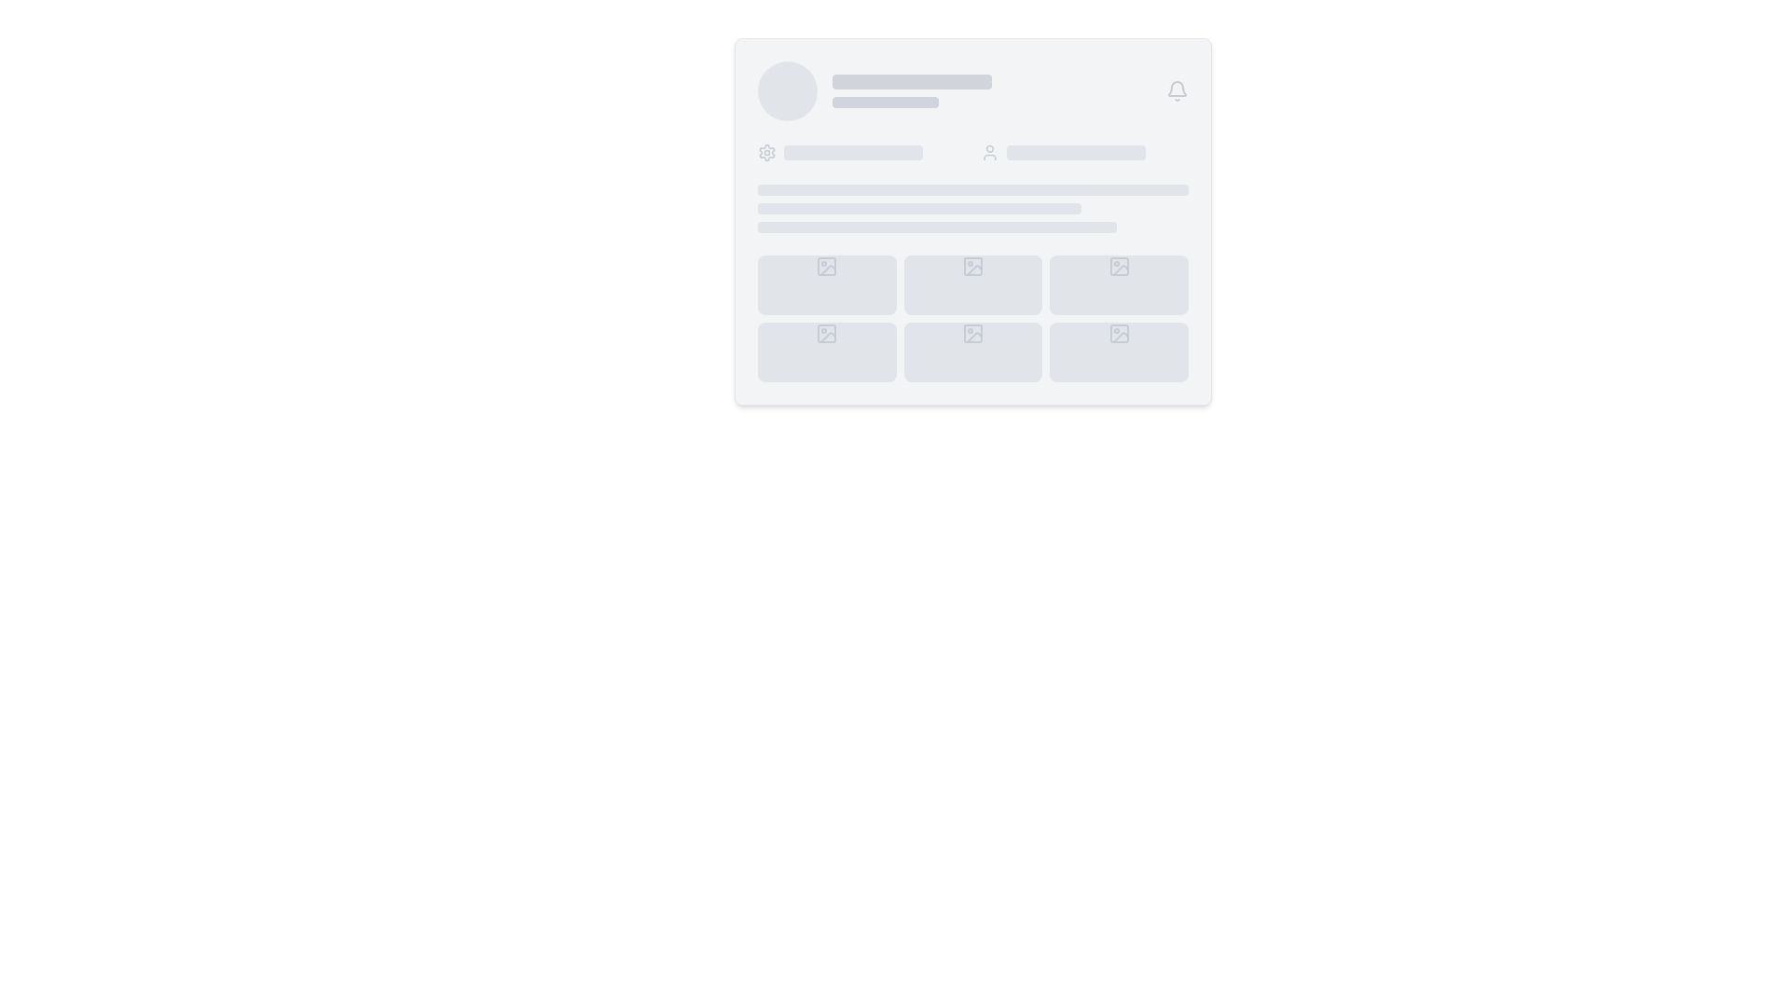 Image resolution: width=1790 pixels, height=1007 pixels. What do you see at coordinates (1119, 352) in the screenshot?
I see `the third element in the bottom row of a grid layout, which serves as a placeholder representation for future content or images` at bounding box center [1119, 352].